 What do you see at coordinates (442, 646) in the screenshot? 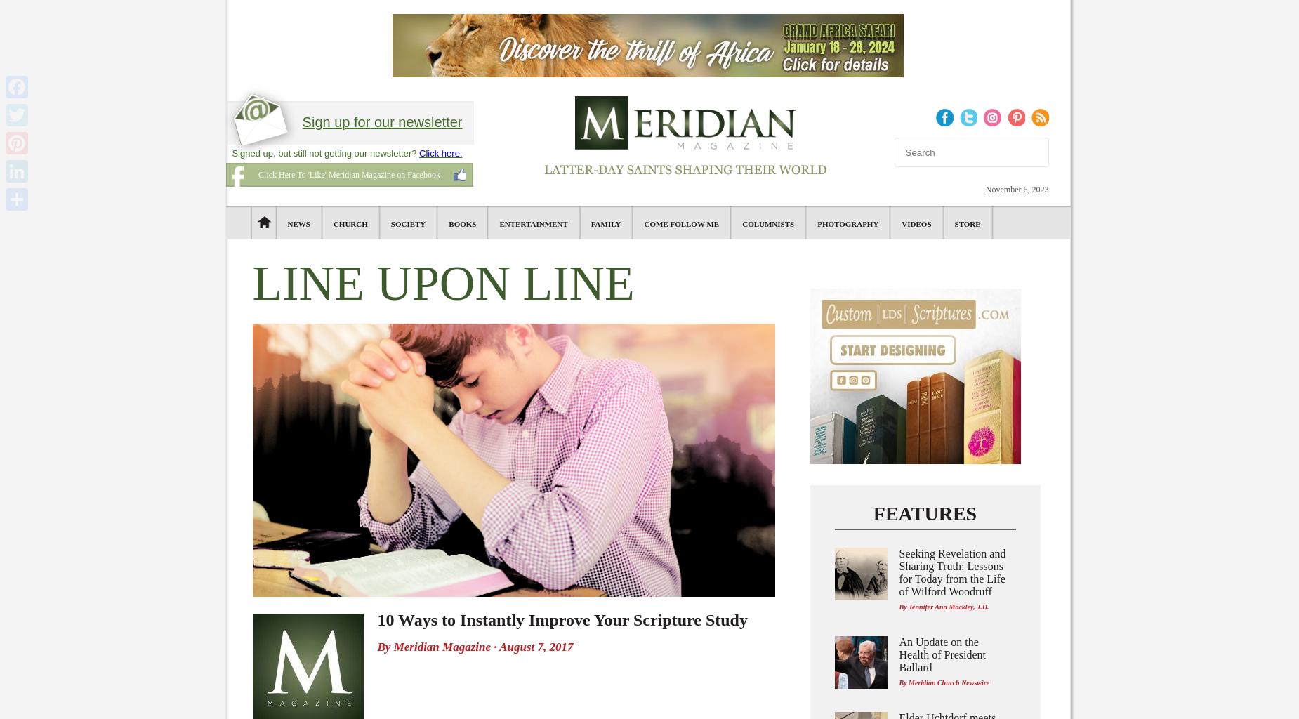
I see `'Meridian Magazine'` at bounding box center [442, 646].